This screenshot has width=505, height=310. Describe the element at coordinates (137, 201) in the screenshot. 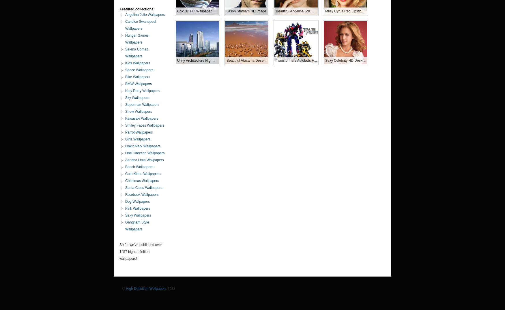

I see `'Dog Wallpapers'` at that location.